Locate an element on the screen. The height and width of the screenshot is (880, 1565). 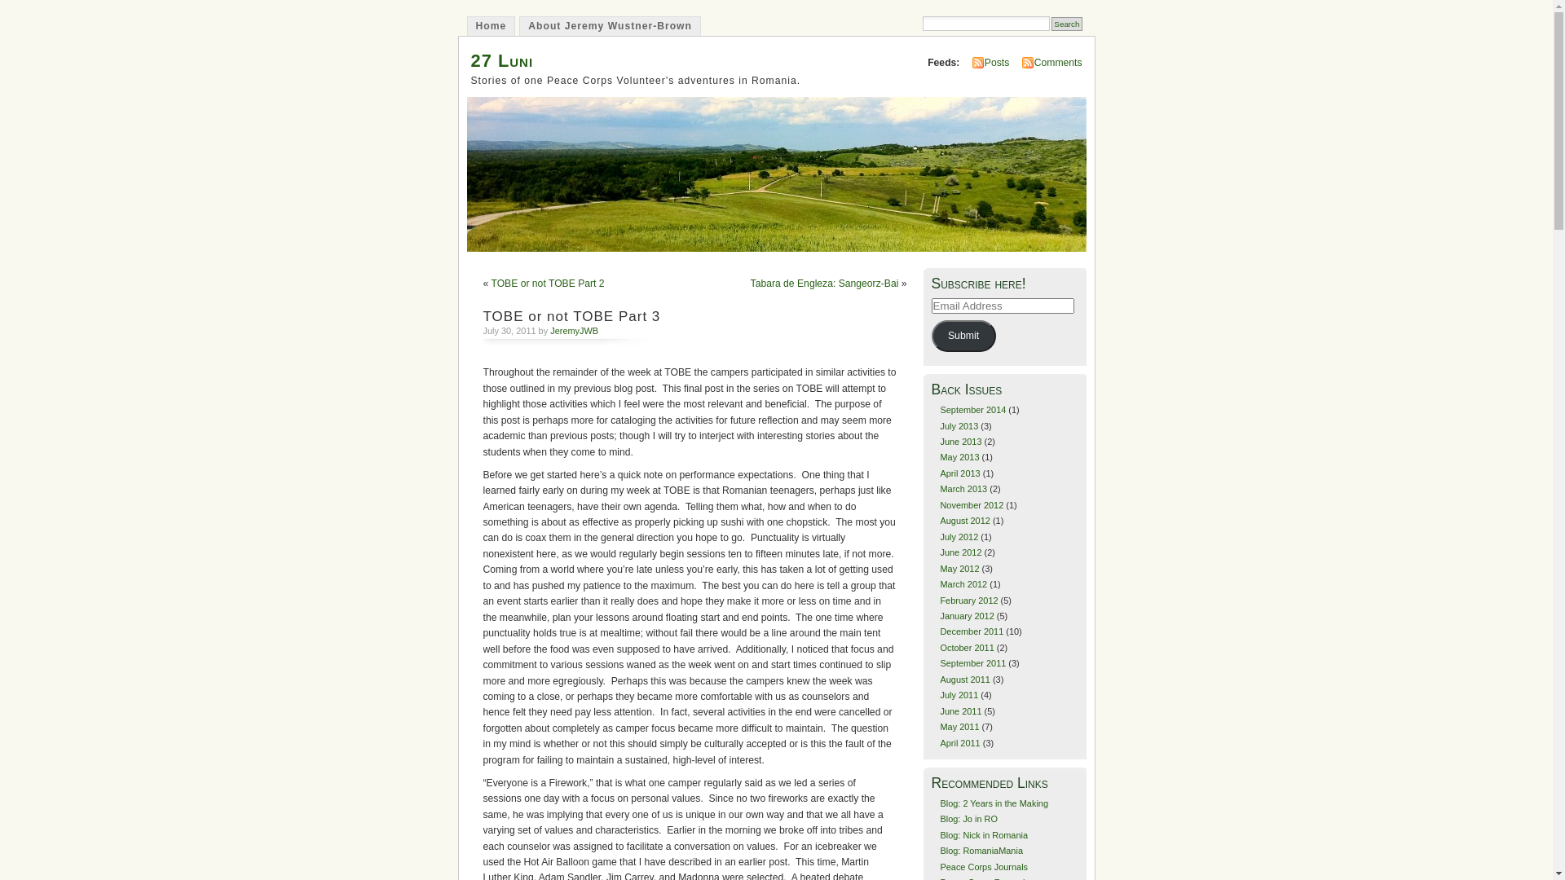
'January 2012' is located at coordinates (966, 616).